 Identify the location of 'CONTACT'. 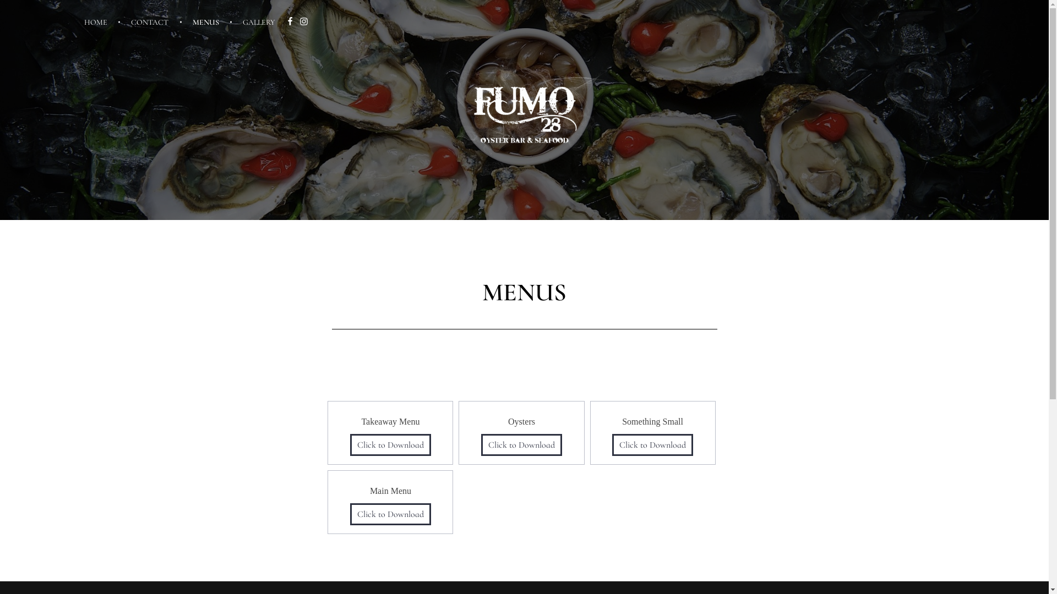
(151, 21).